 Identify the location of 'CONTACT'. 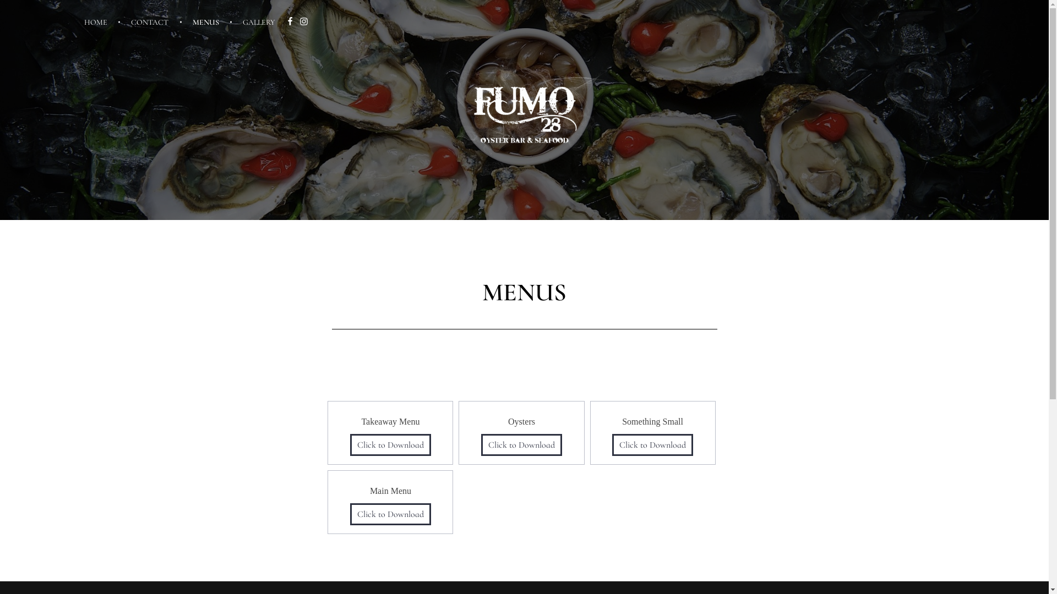
(151, 21).